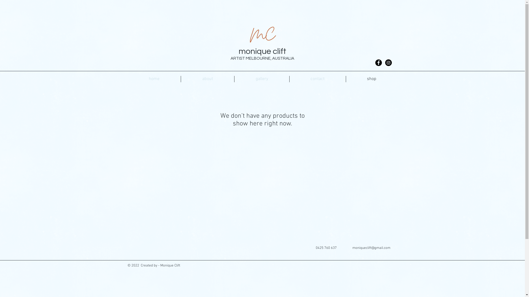  I want to click on 'shop', so click(346, 79).